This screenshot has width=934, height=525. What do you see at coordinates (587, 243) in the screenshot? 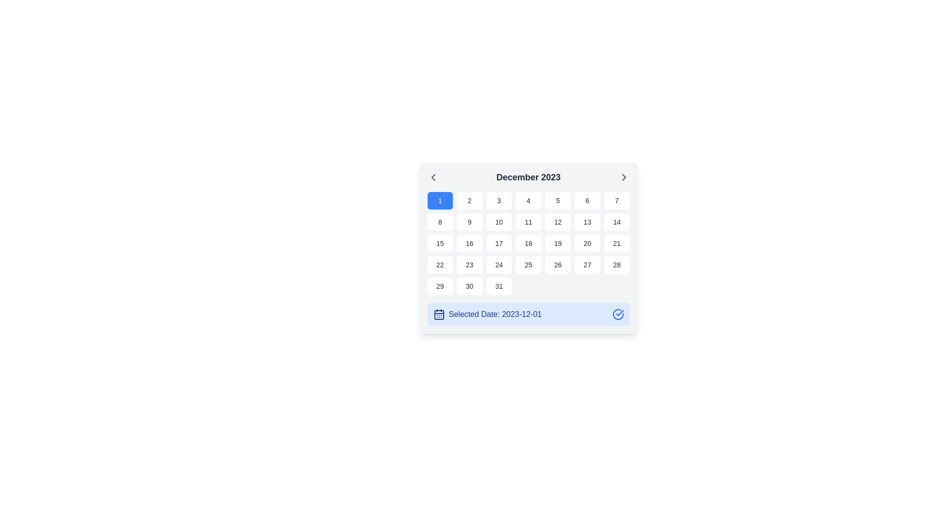
I see `the button representing the 20th of December 2023 in the date picker grid located in the fourth row and sixth column` at bounding box center [587, 243].